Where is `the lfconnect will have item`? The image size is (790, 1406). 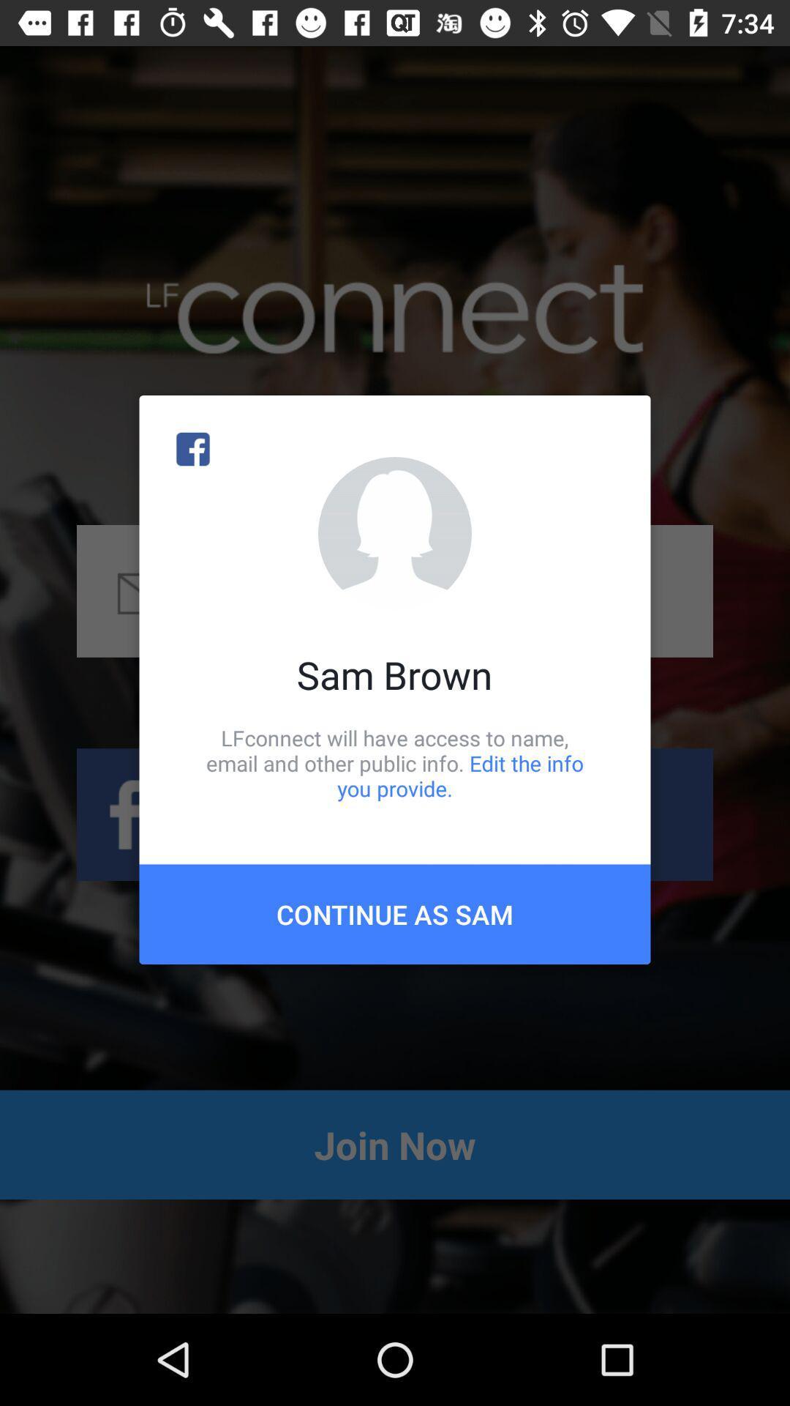
the lfconnect will have item is located at coordinates (395, 762).